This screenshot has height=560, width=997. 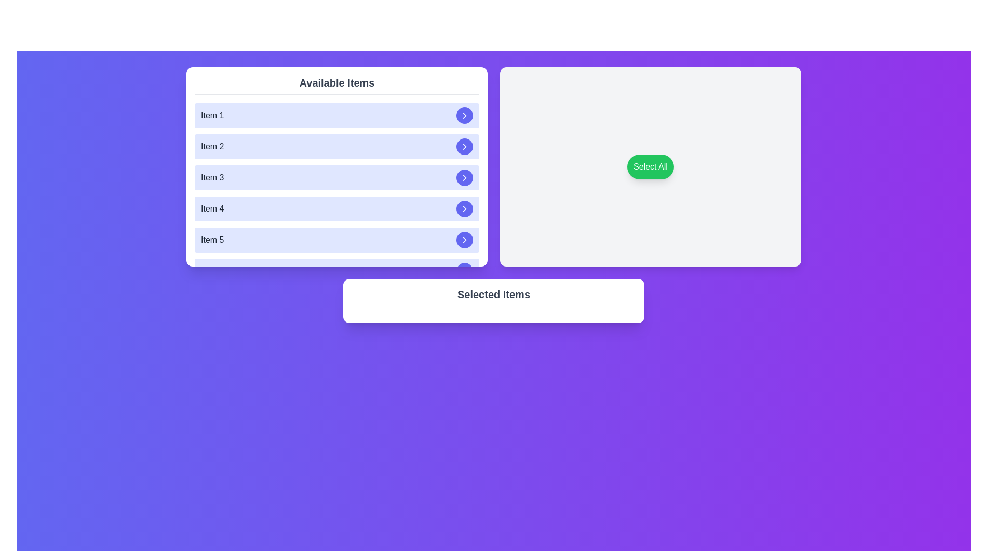 What do you see at coordinates (464, 146) in the screenshot?
I see `the circular button with a purple background and white right-facing chevron arrow in the 'Item 2' row` at bounding box center [464, 146].